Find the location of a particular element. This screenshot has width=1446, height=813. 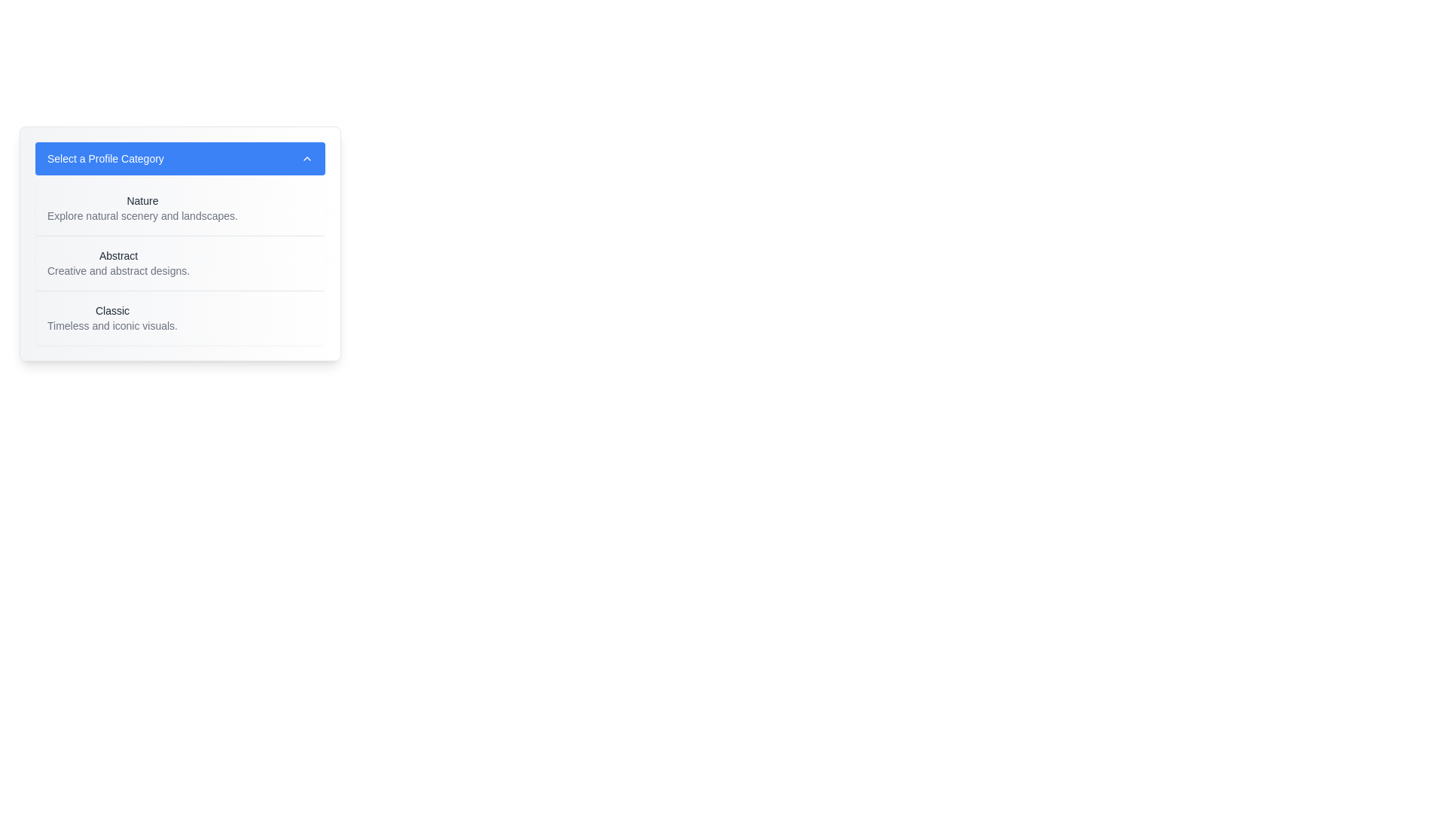

the text block reading 'Creative and abstract designs.' which is located below the heading 'Abstract' in the 'Abstract' category section is located at coordinates (117, 269).